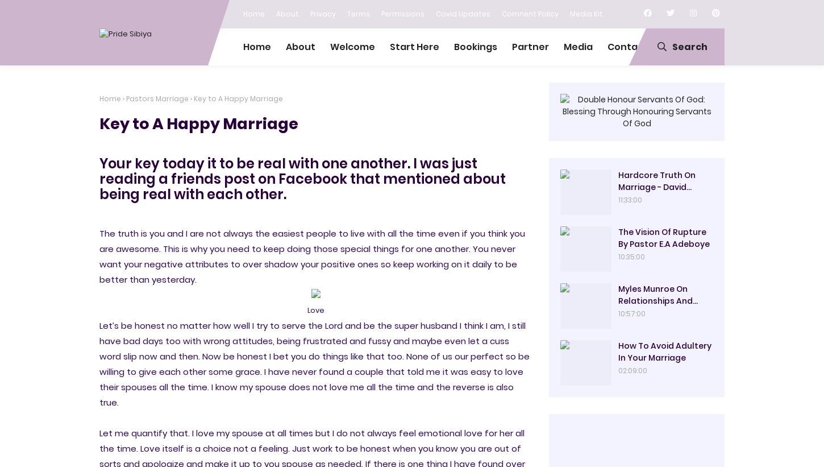 Image resolution: width=824 pixels, height=467 pixels. What do you see at coordinates (631, 257) in the screenshot?
I see `'10:35:00'` at bounding box center [631, 257].